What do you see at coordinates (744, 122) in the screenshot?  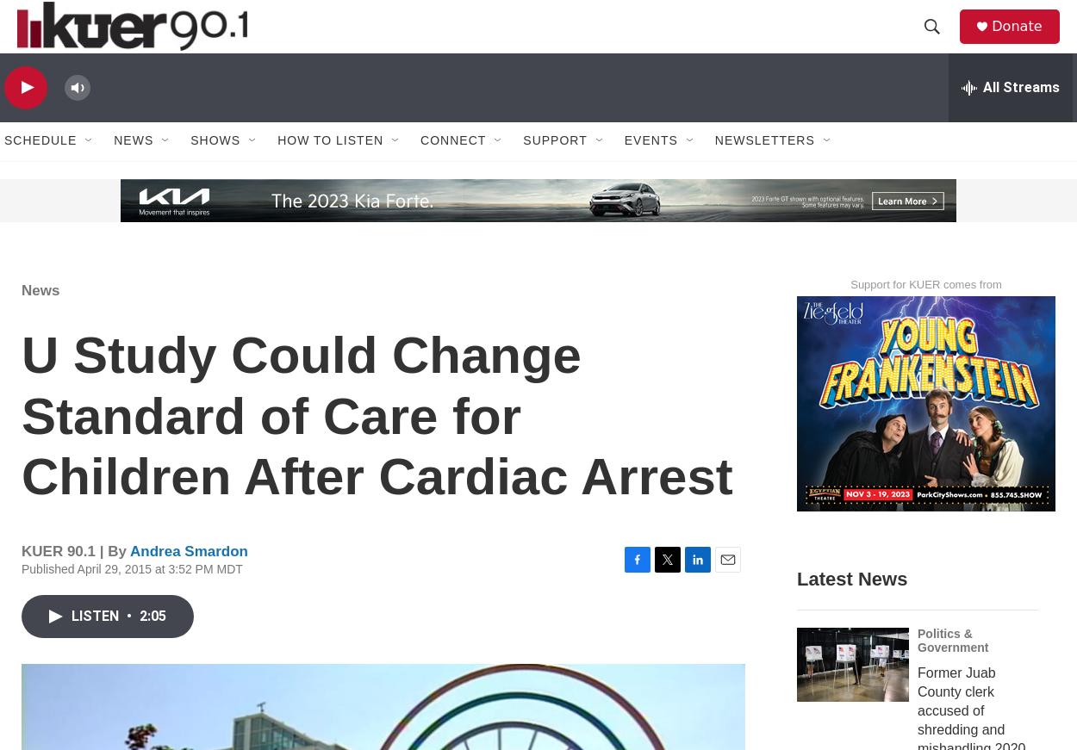 I see `'10:00 PM'` at bounding box center [744, 122].